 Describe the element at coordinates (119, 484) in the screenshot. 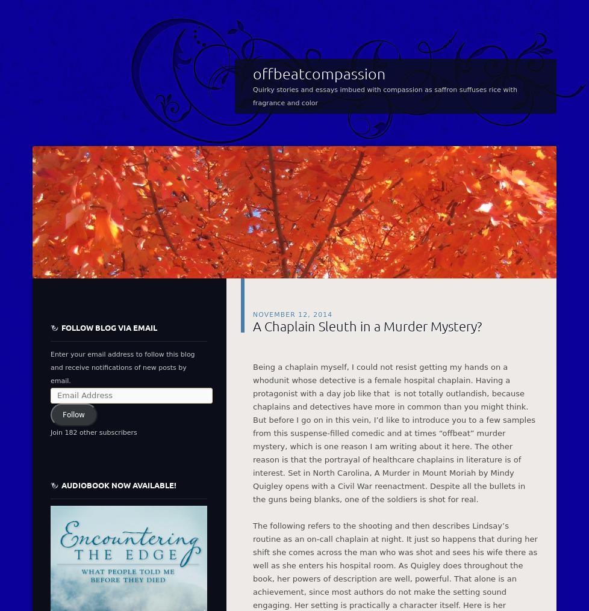

I see `'Audiobook now available!'` at that location.